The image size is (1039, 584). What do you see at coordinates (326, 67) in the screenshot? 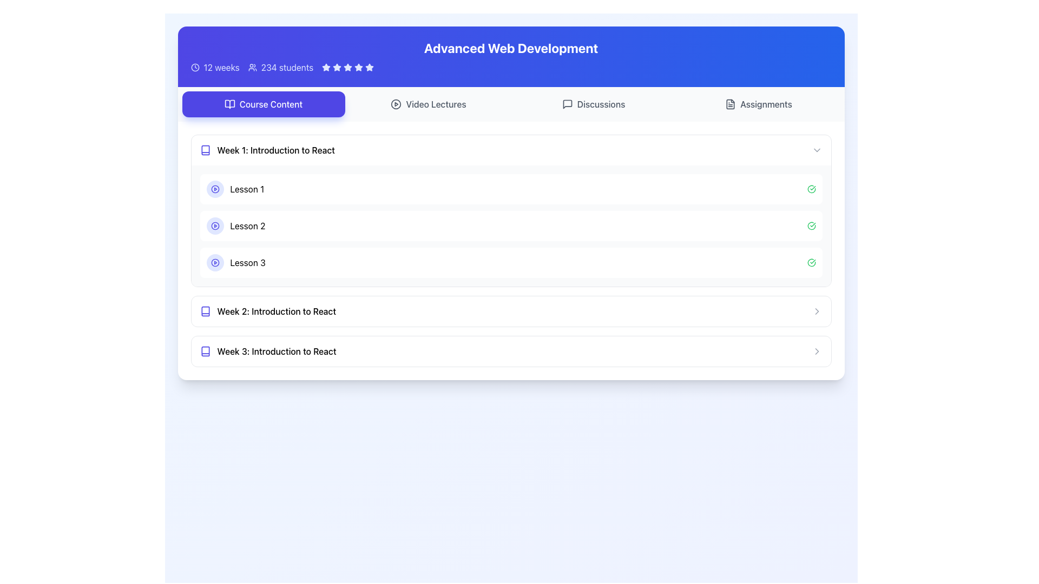
I see `the first star icon in the 5-star rating component` at bounding box center [326, 67].